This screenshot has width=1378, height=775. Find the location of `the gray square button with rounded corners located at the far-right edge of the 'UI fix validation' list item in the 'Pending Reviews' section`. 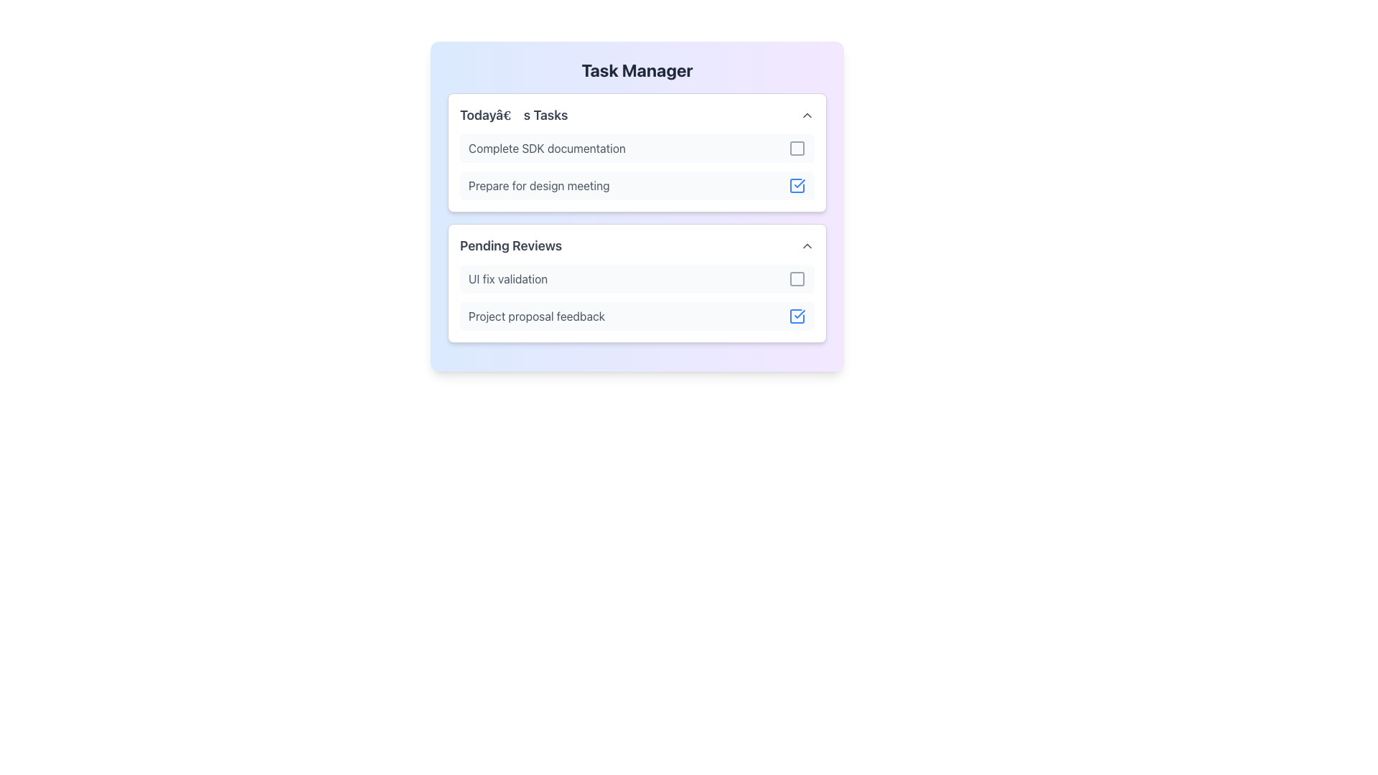

the gray square button with rounded corners located at the far-right edge of the 'UI fix validation' list item in the 'Pending Reviews' section is located at coordinates (796, 279).